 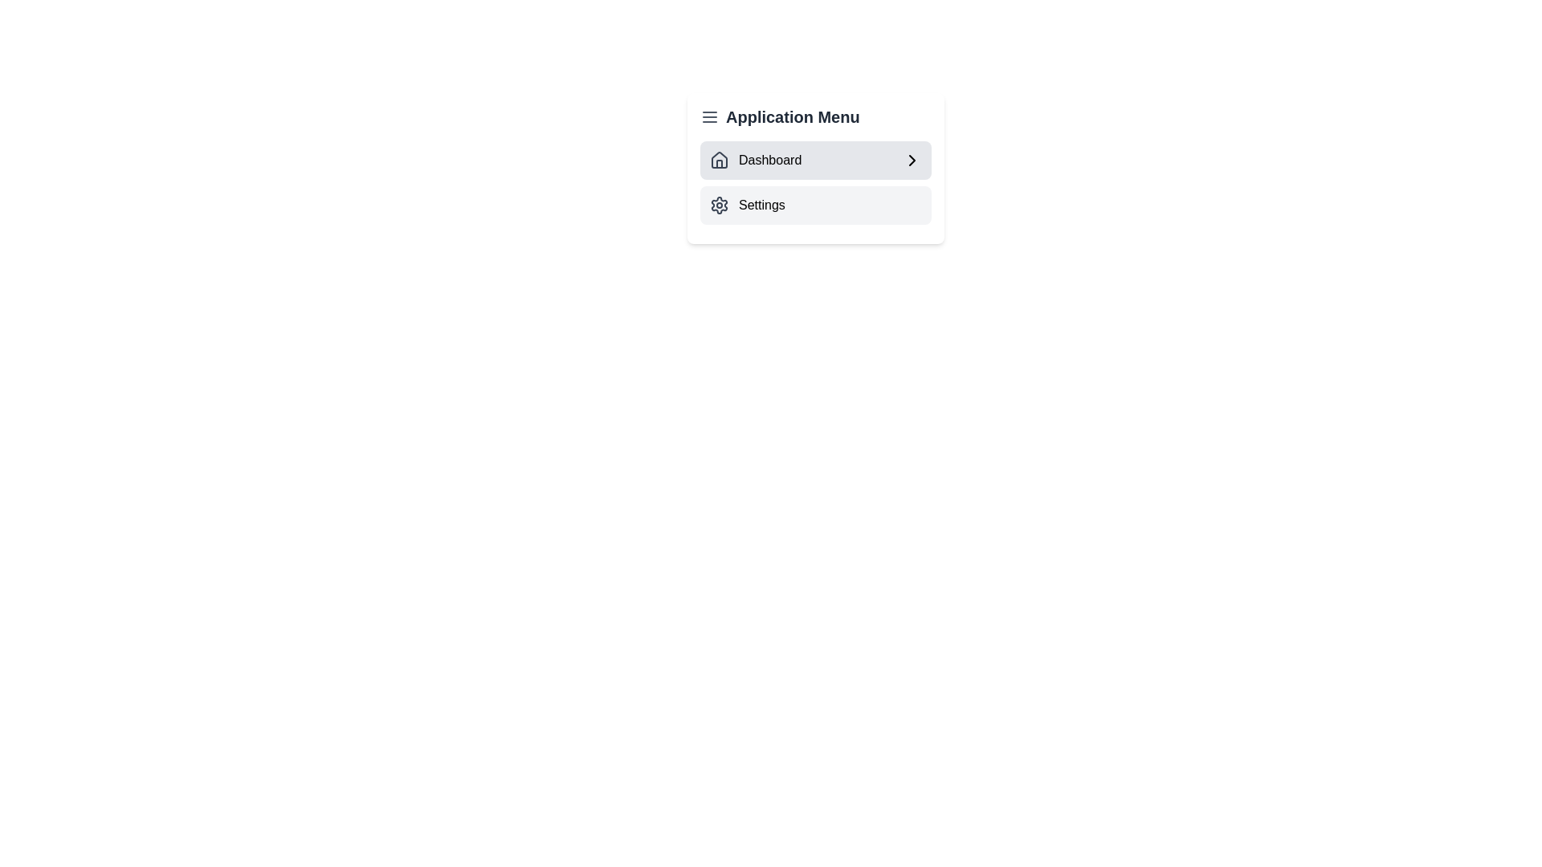 What do you see at coordinates (708, 116) in the screenshot?
I see `the gray hamburger menu icon located to the left of the 'Application Menu' text` at bounding box center [708, 116].